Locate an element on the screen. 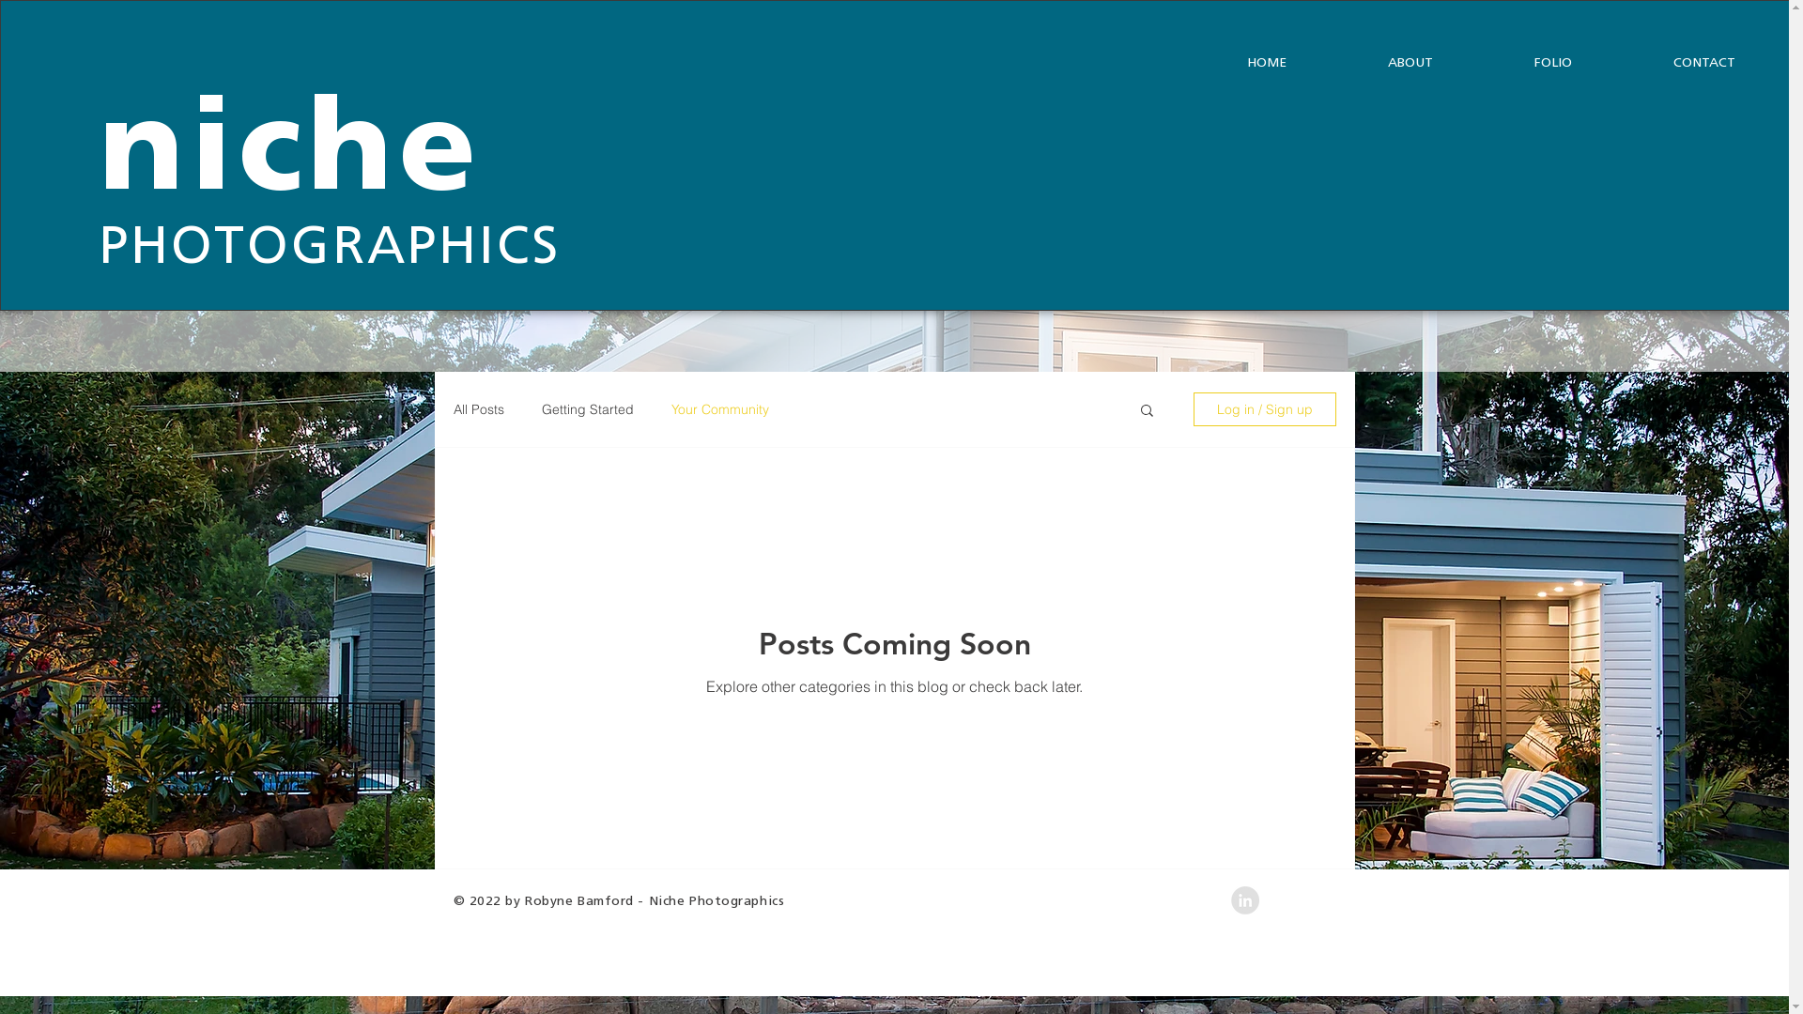  'FOLIO' is located at coordinates (1553, 61).